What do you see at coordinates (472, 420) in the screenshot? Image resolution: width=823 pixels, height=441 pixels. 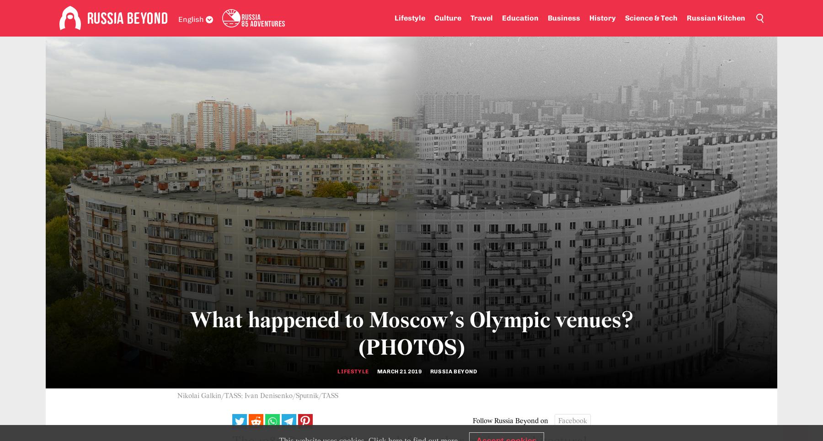 I see `'Follow Russia Beyond on'` at bounding box center [472, 420].